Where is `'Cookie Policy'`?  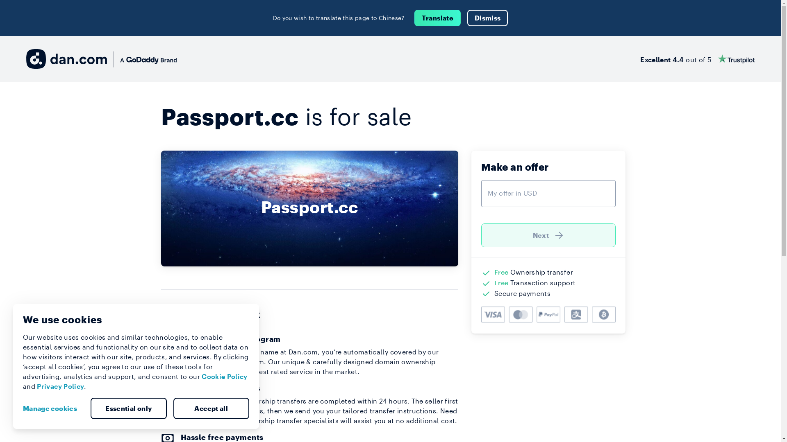
'Cookie Policy' is located at coordinates (224, 376).